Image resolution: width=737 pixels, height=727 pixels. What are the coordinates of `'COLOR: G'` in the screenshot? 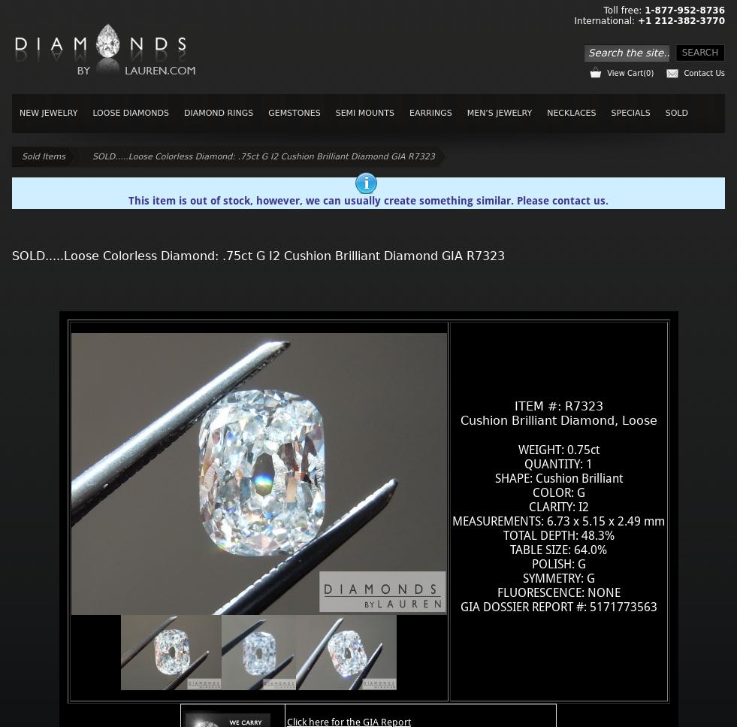 It's located at (558, 491).